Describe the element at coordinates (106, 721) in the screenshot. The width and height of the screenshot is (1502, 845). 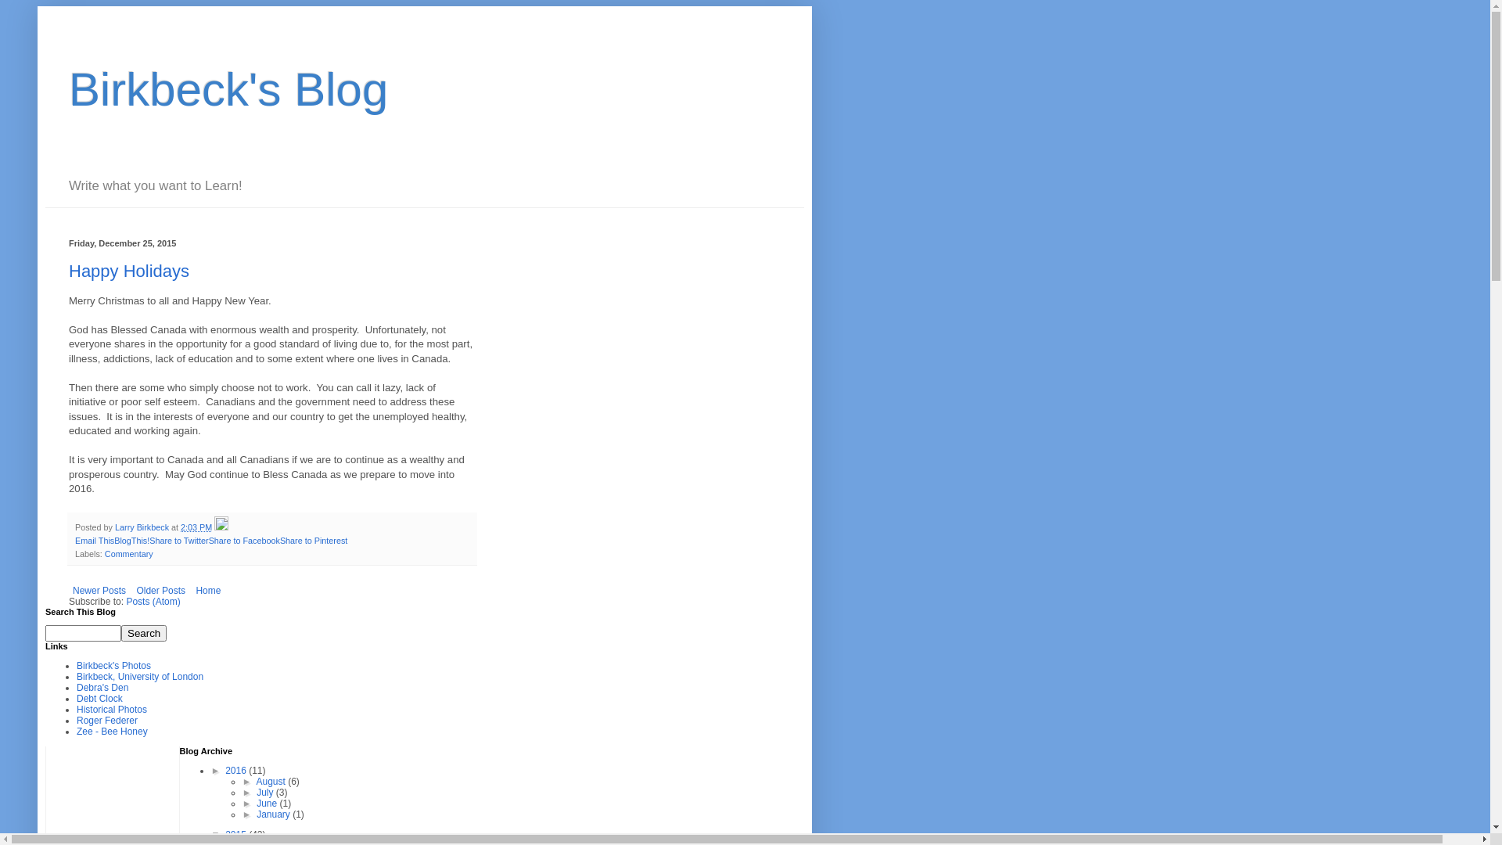
I see `'Roger Federer'` at that location.